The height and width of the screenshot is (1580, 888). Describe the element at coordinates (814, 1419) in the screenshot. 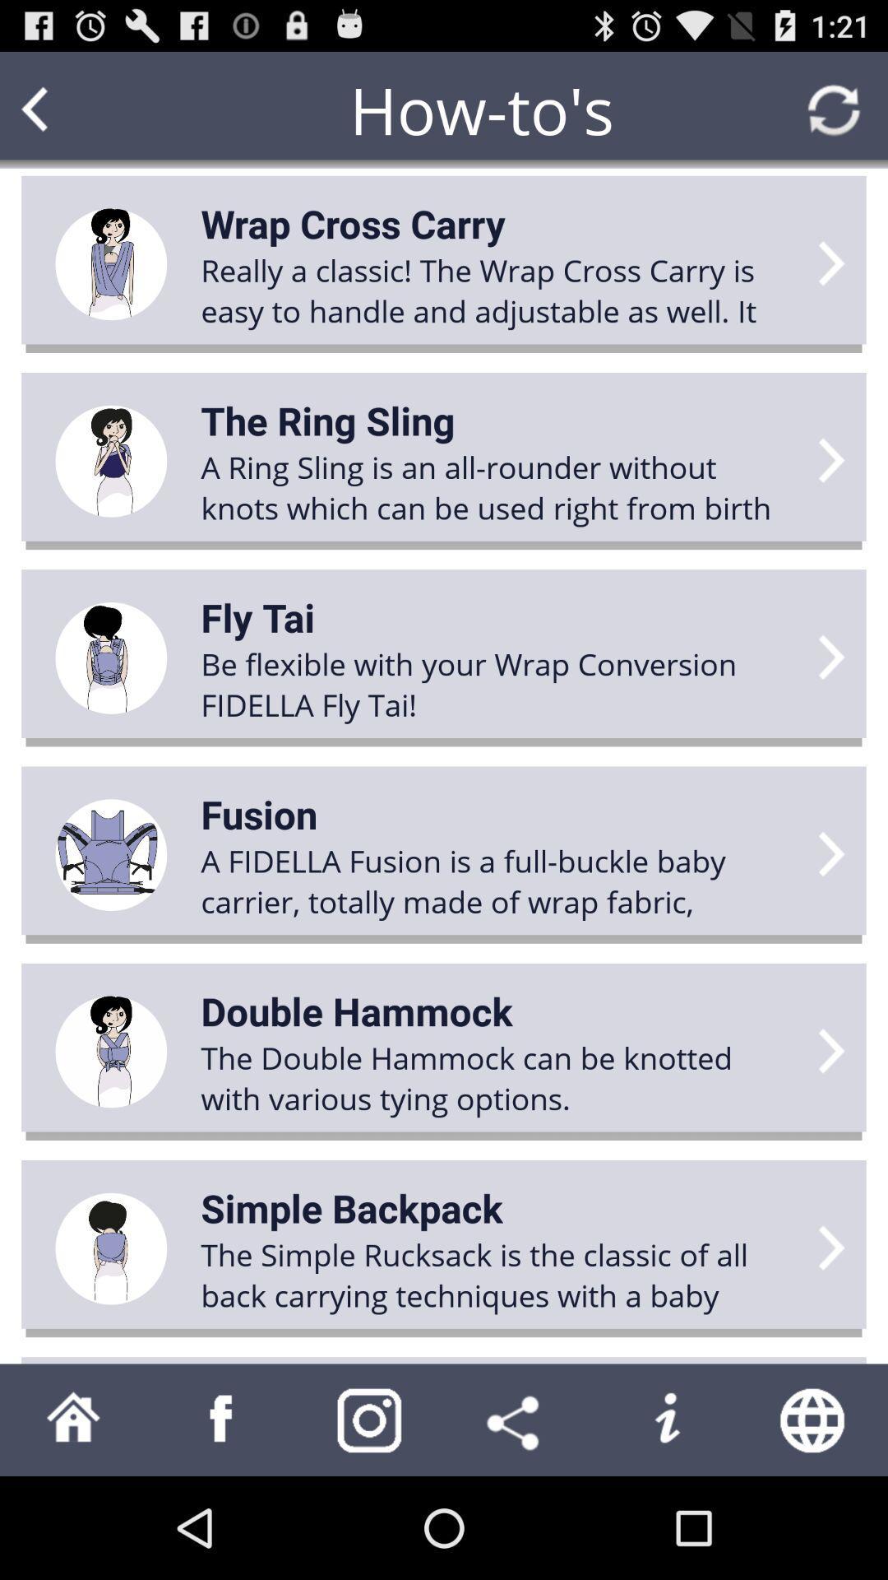

I see `the app below the simple rucksack icon` at that location.